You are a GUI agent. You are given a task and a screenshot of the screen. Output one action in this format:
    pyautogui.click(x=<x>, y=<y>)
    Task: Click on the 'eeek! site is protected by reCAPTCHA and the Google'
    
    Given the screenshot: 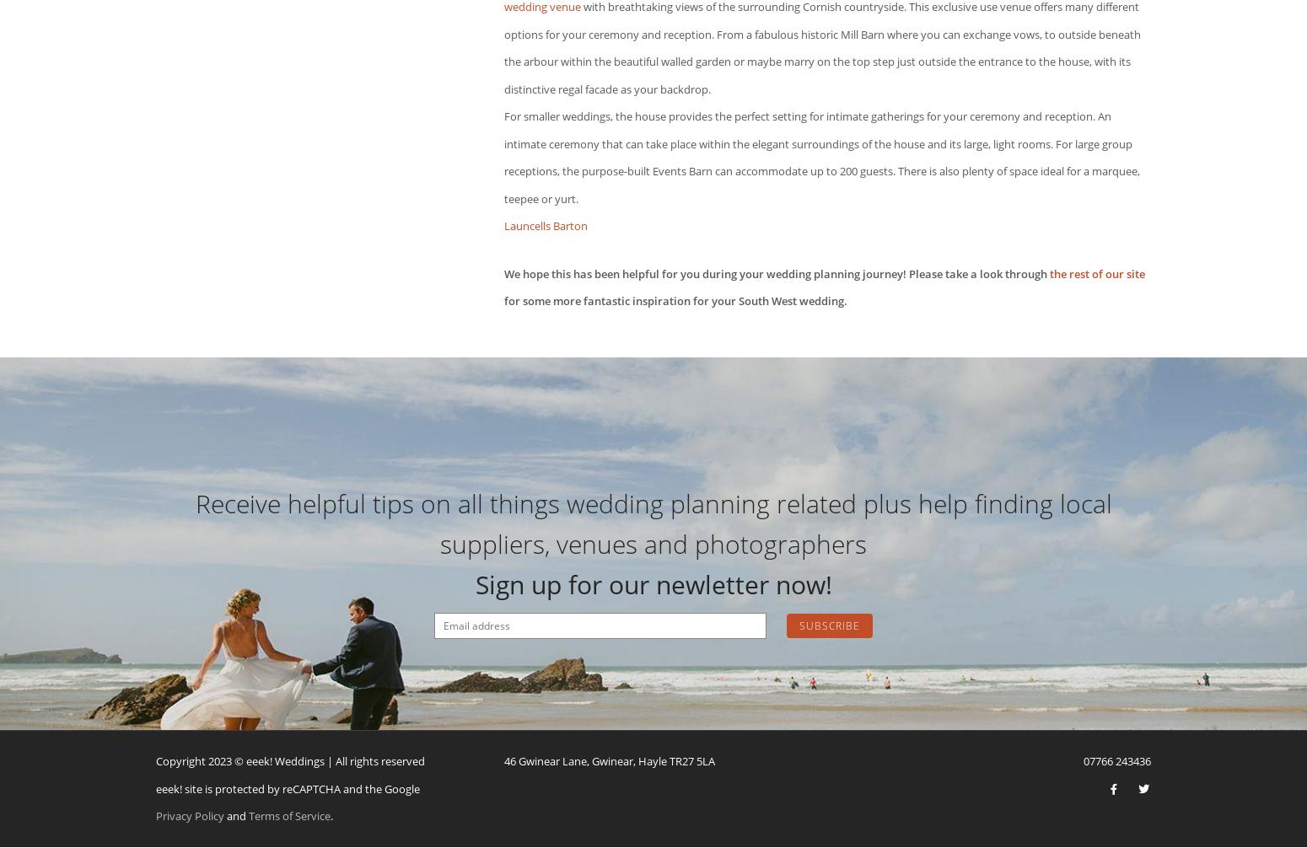 What is the action you would take?
    pyautogui.click(x=155, y=786)
    